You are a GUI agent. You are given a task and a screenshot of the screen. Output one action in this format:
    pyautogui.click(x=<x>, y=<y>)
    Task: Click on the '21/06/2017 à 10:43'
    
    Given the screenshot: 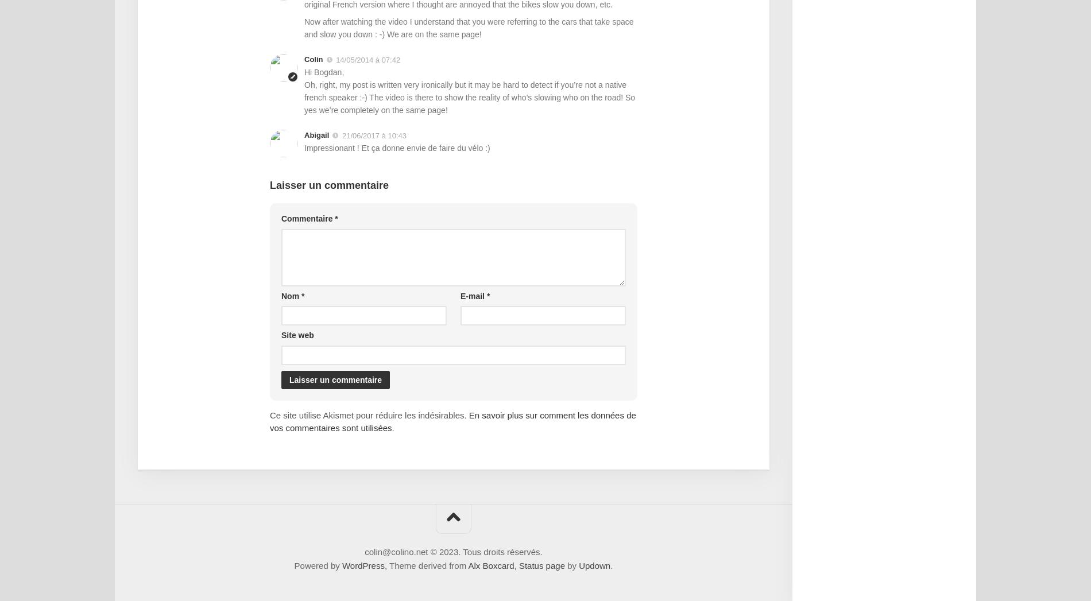 What is the action you would take?
    pyautogui.click(x=374, y=134)
    